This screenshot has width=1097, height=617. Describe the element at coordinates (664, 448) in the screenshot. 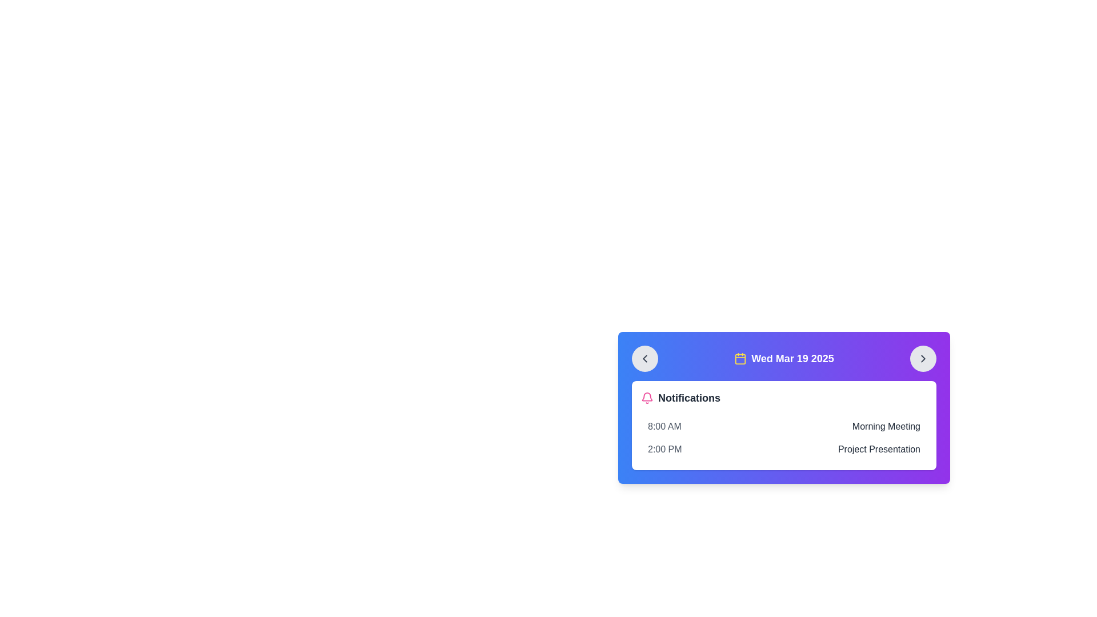

I see `the text label displaying the time '2:00 PM' in gray font, which is part of the notifications list` at that location.